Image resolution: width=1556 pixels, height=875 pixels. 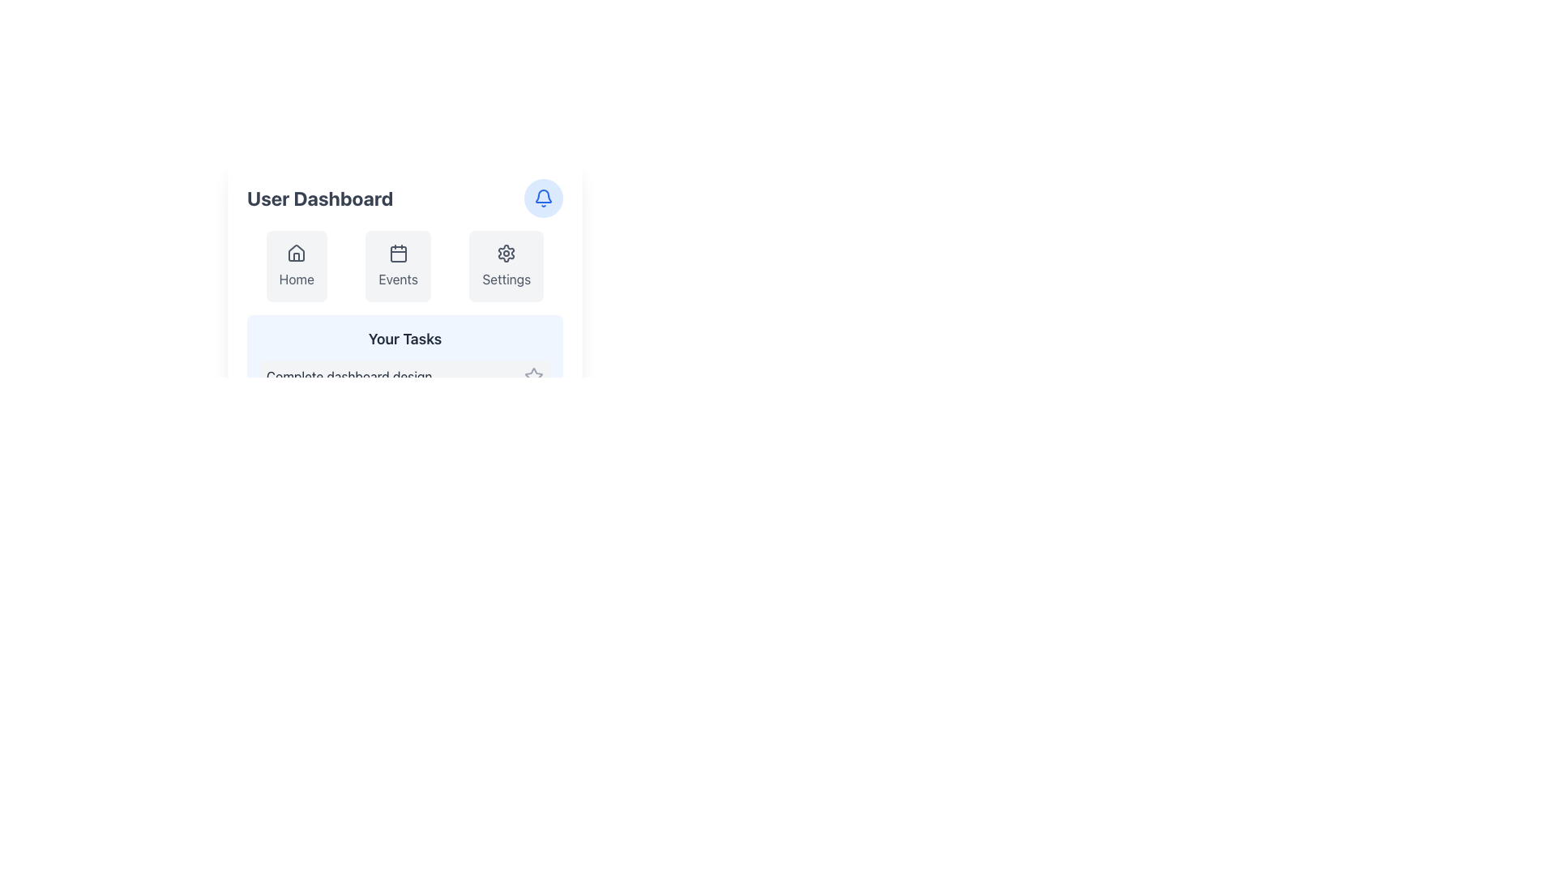 I want to click on the star icon in the lower-right corner of a task item under the 'Your Tasks' section, so click(x=533, y=376).